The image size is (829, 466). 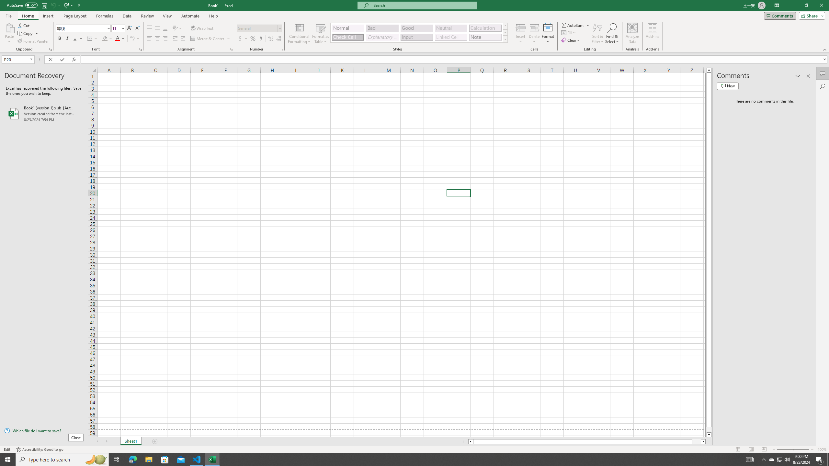 I want to click on 'Top Align', so click(x=149, y=28).